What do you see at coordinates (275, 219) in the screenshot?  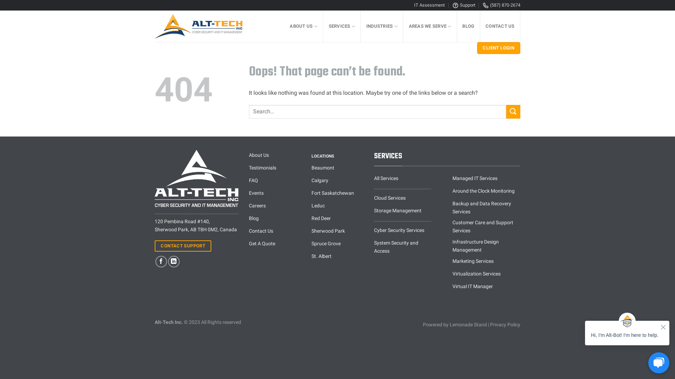 I see `'Blog'` at bounding box center [275, 219].